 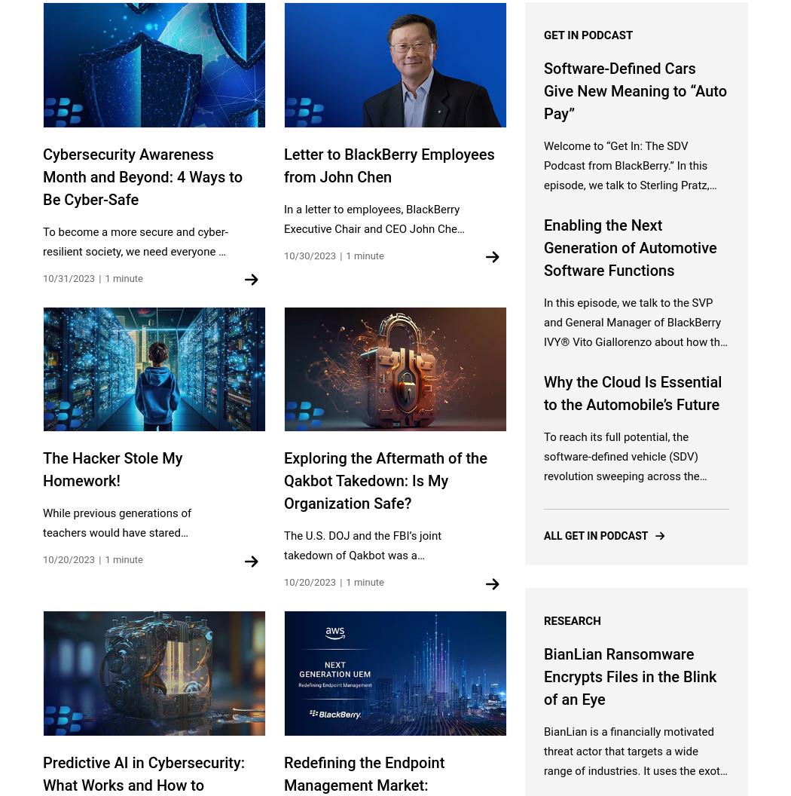 I want to click on 'Privacy Policy', so click(x=553, y=576).